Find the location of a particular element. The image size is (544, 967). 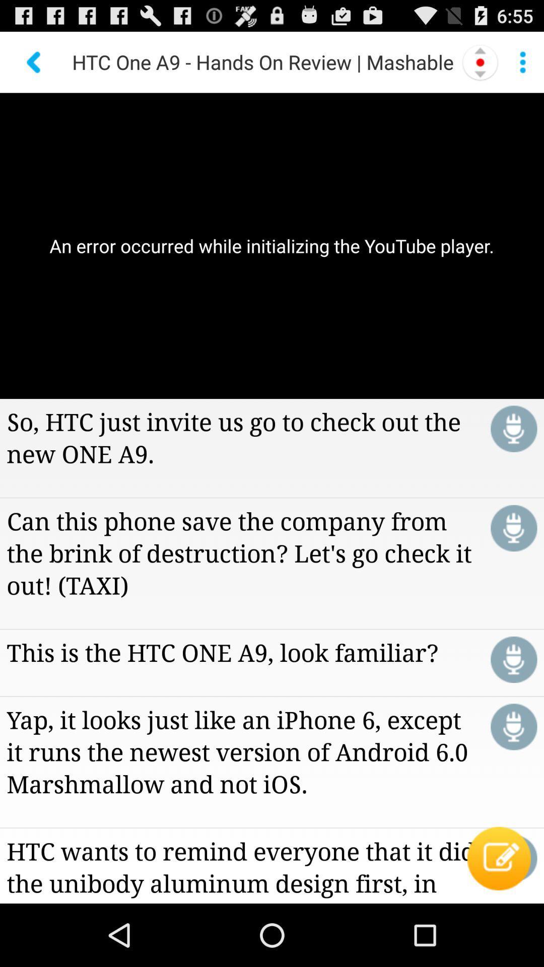

first voice recorder is located at coordinates (514, 429).